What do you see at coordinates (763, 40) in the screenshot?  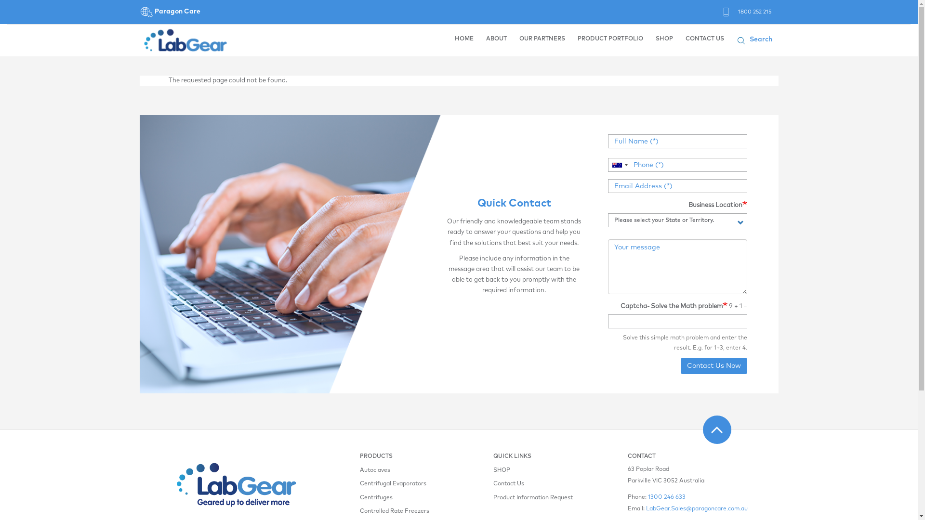 I see `'Search'` at bounding box center [763, 40].